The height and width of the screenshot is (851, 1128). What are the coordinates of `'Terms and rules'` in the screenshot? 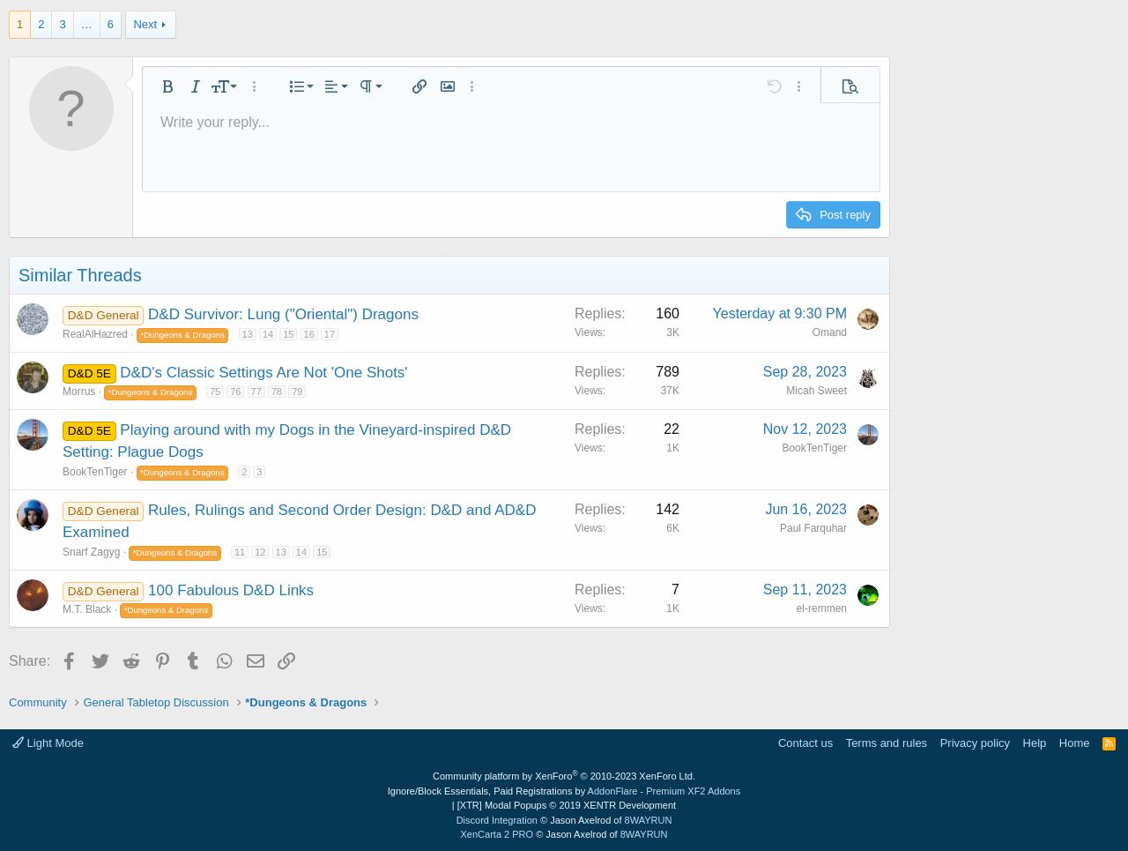 It's located at (886, 741).